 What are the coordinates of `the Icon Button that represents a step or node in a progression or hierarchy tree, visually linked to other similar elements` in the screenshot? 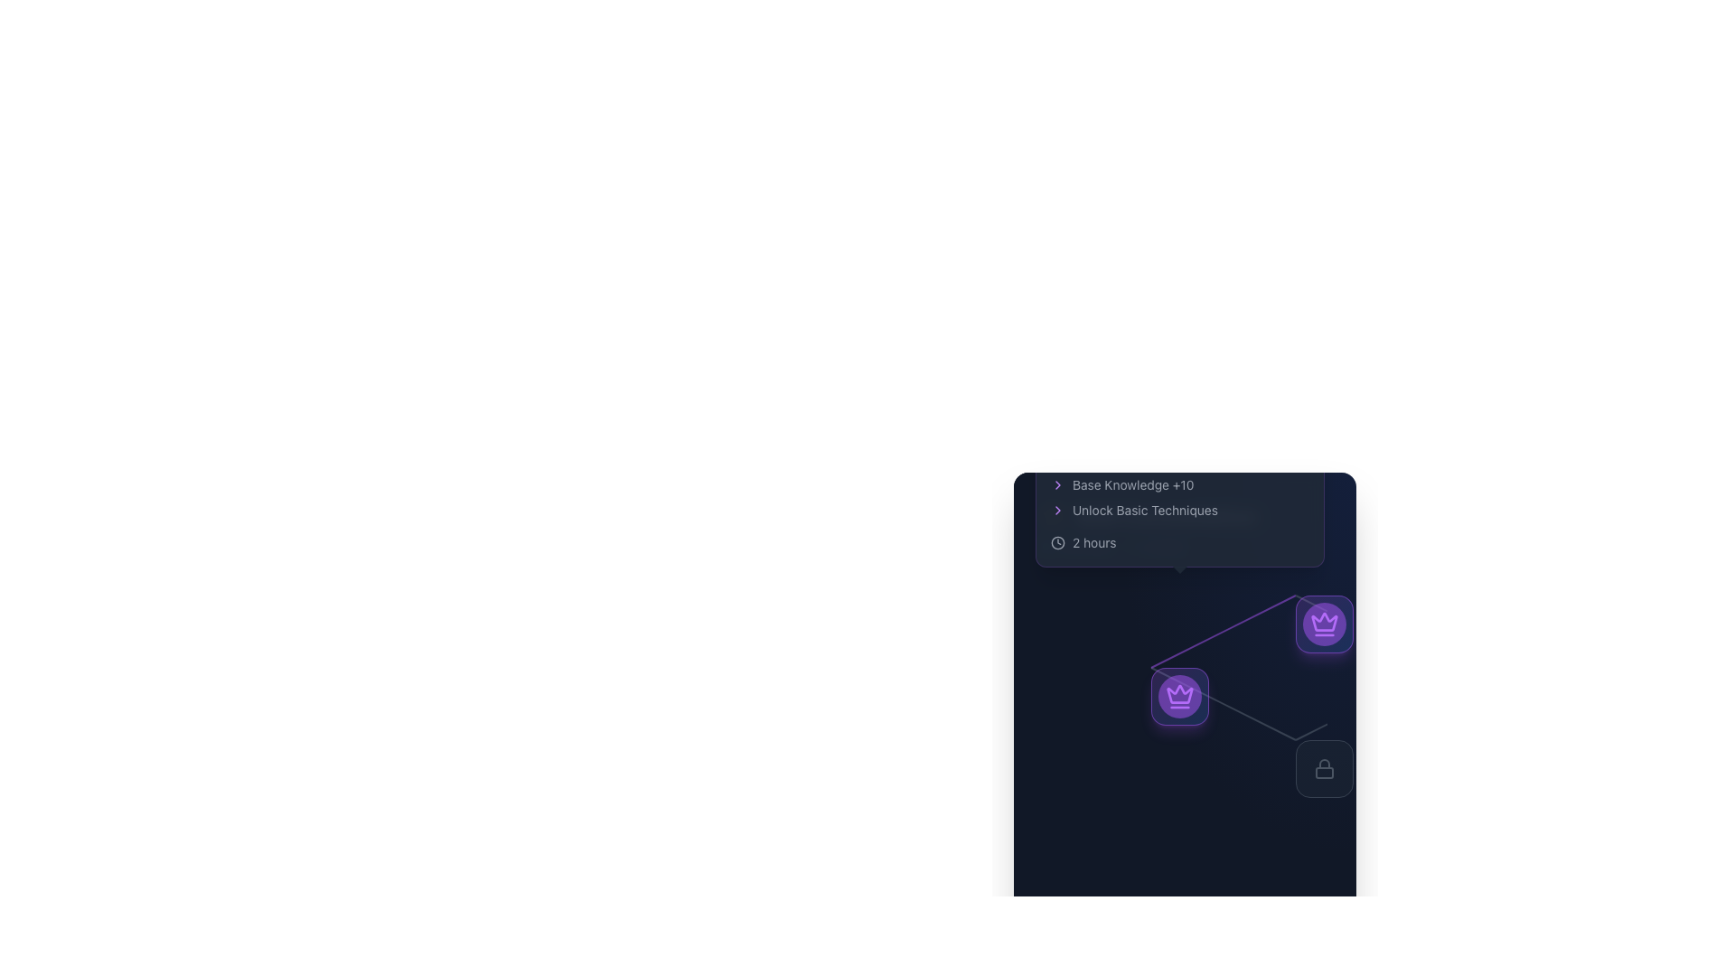 It's located at (1179, 696).